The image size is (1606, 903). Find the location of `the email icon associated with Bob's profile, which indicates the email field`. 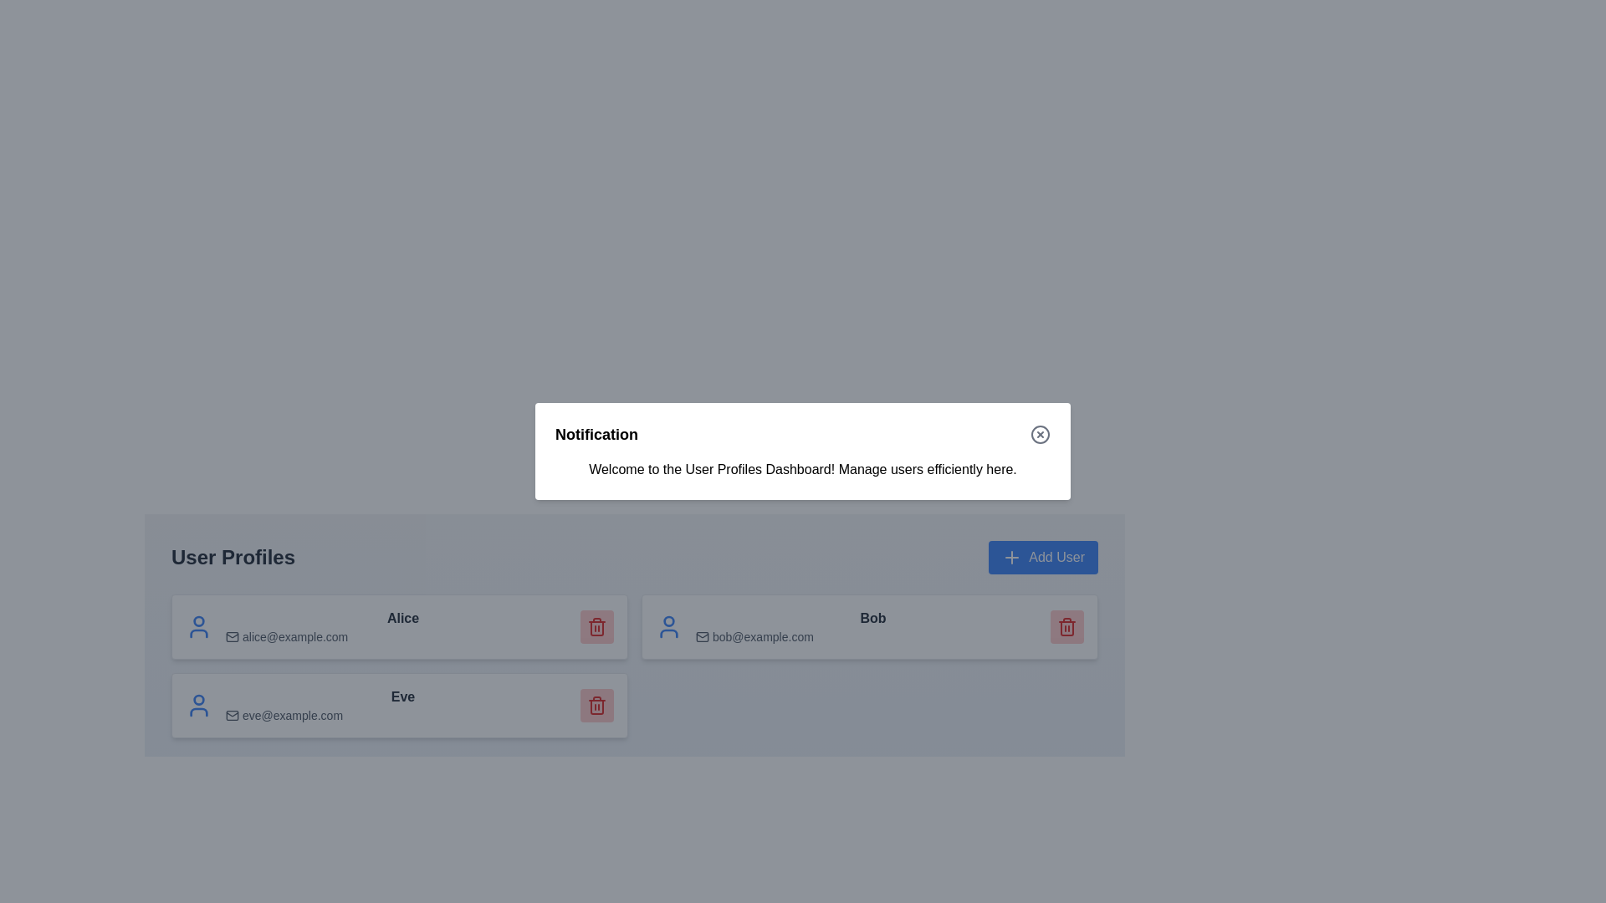

the email icon associated with Bob's profile, which indicates the email field is located at coordinates (703, 637).